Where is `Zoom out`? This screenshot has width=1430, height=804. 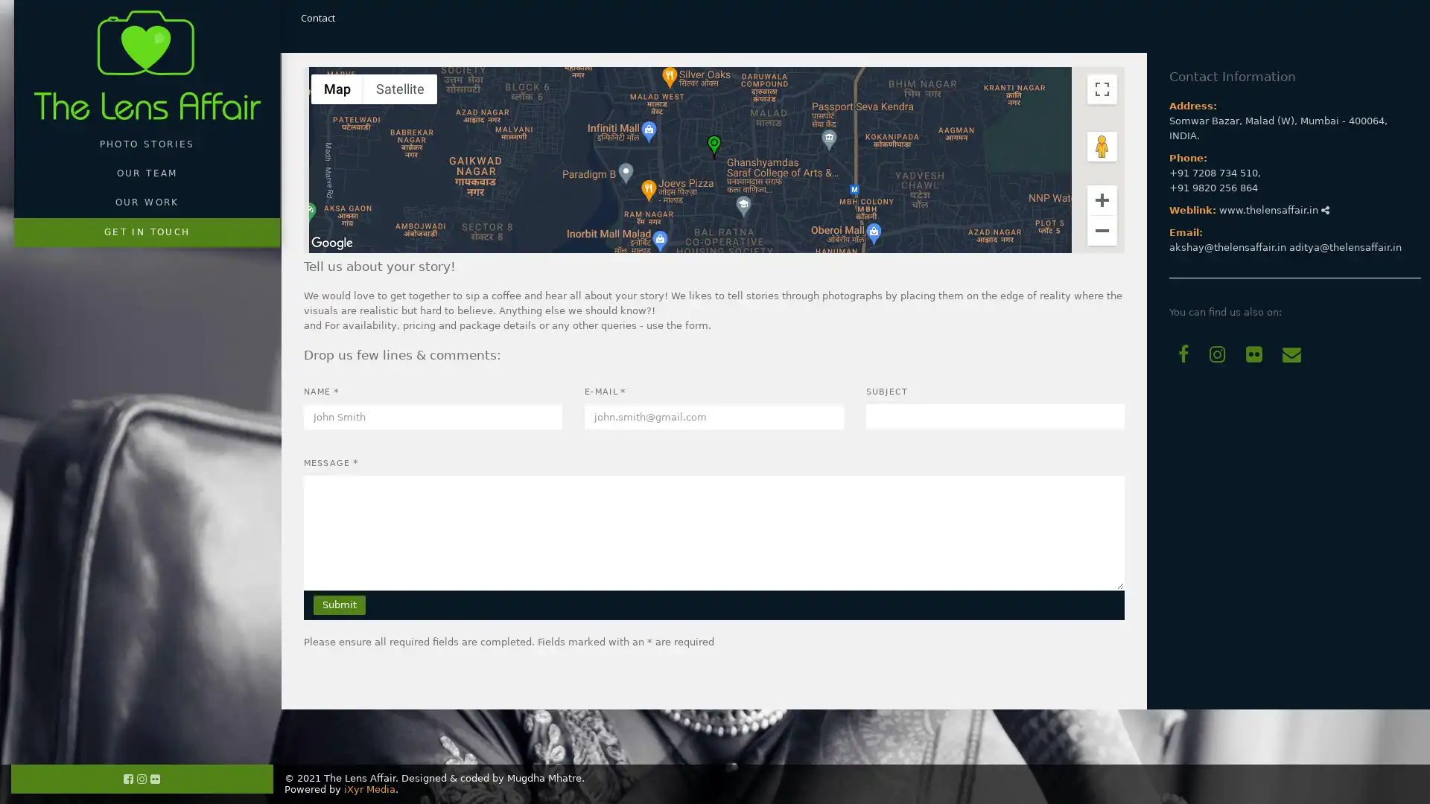 Zoom out is located at coordinates (1102, 229).